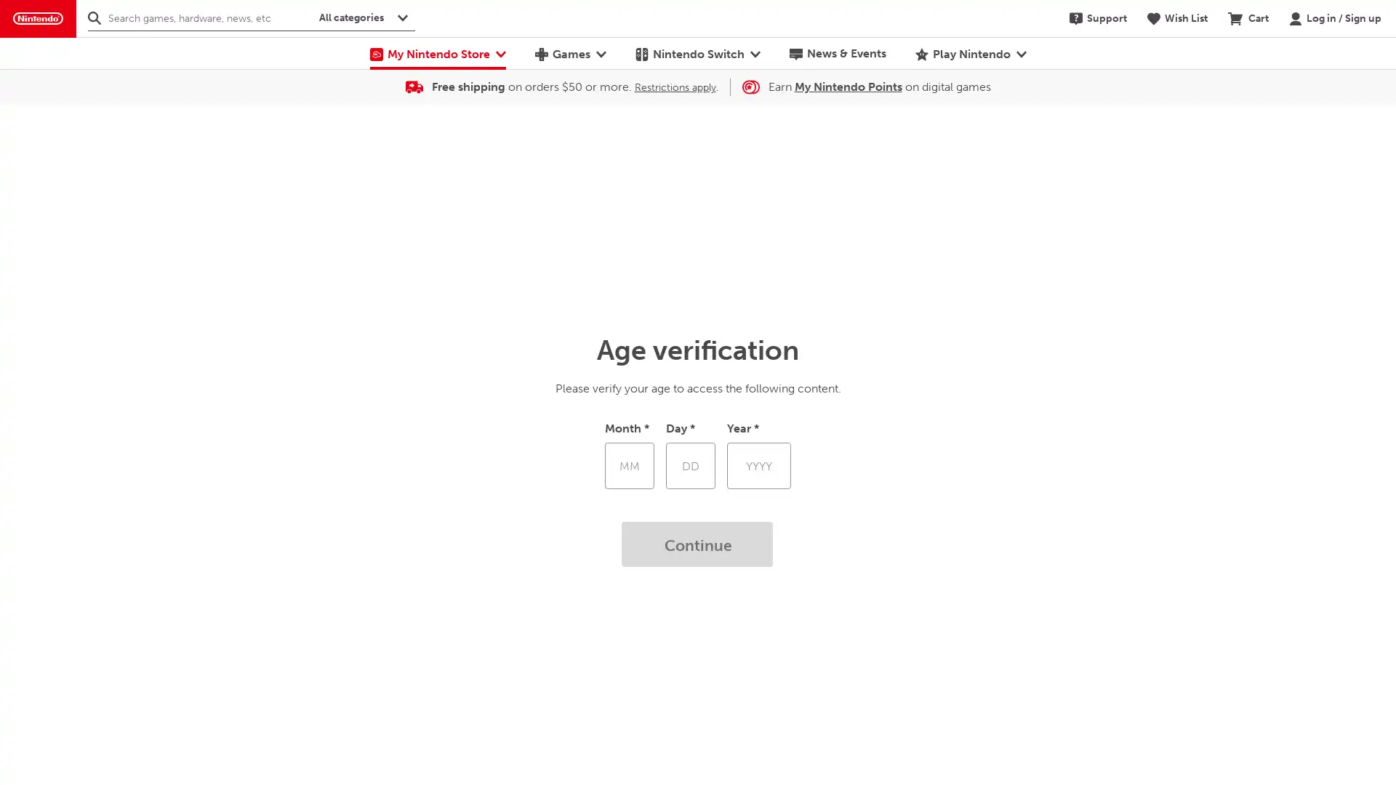  I want to click on Games, so click(569, 52).